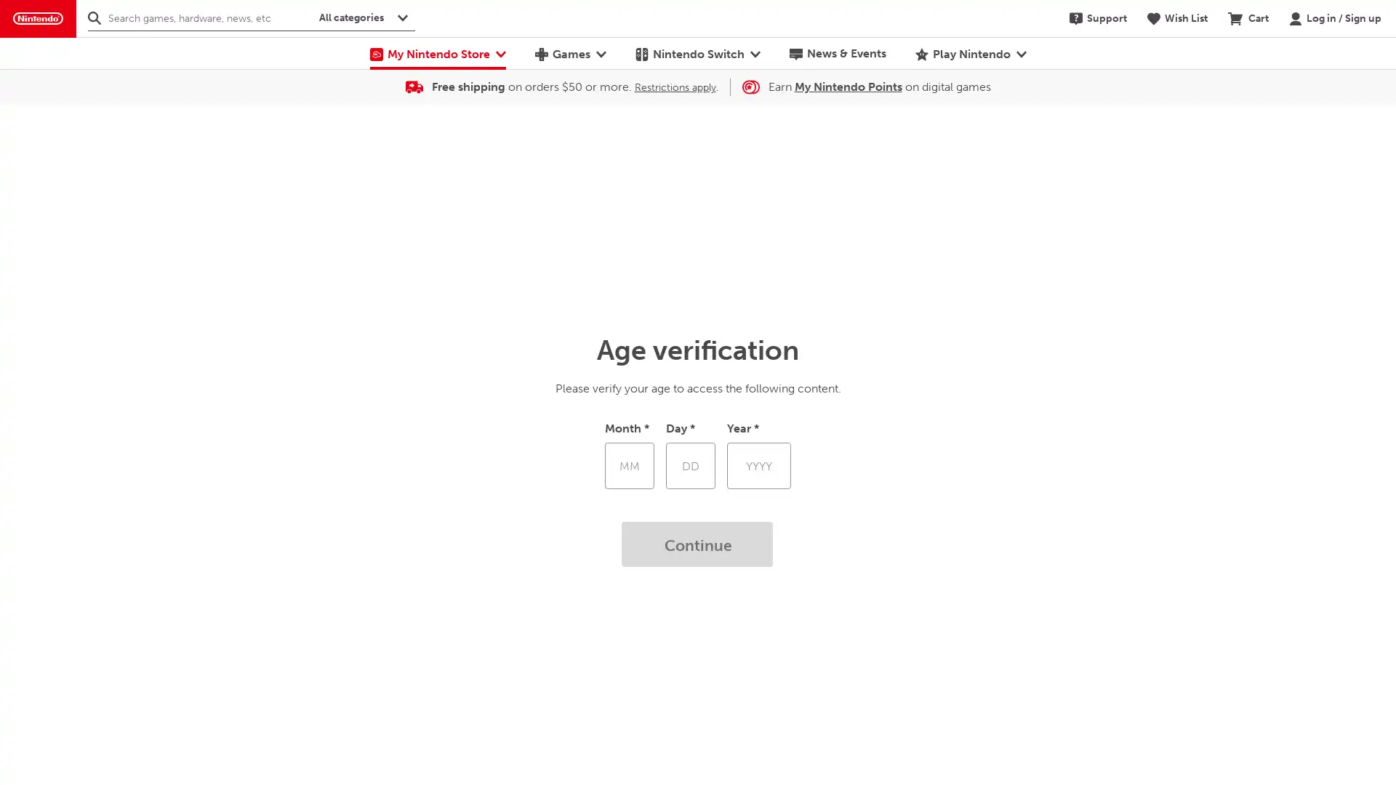  I want to click on Games, so click(569, 52).